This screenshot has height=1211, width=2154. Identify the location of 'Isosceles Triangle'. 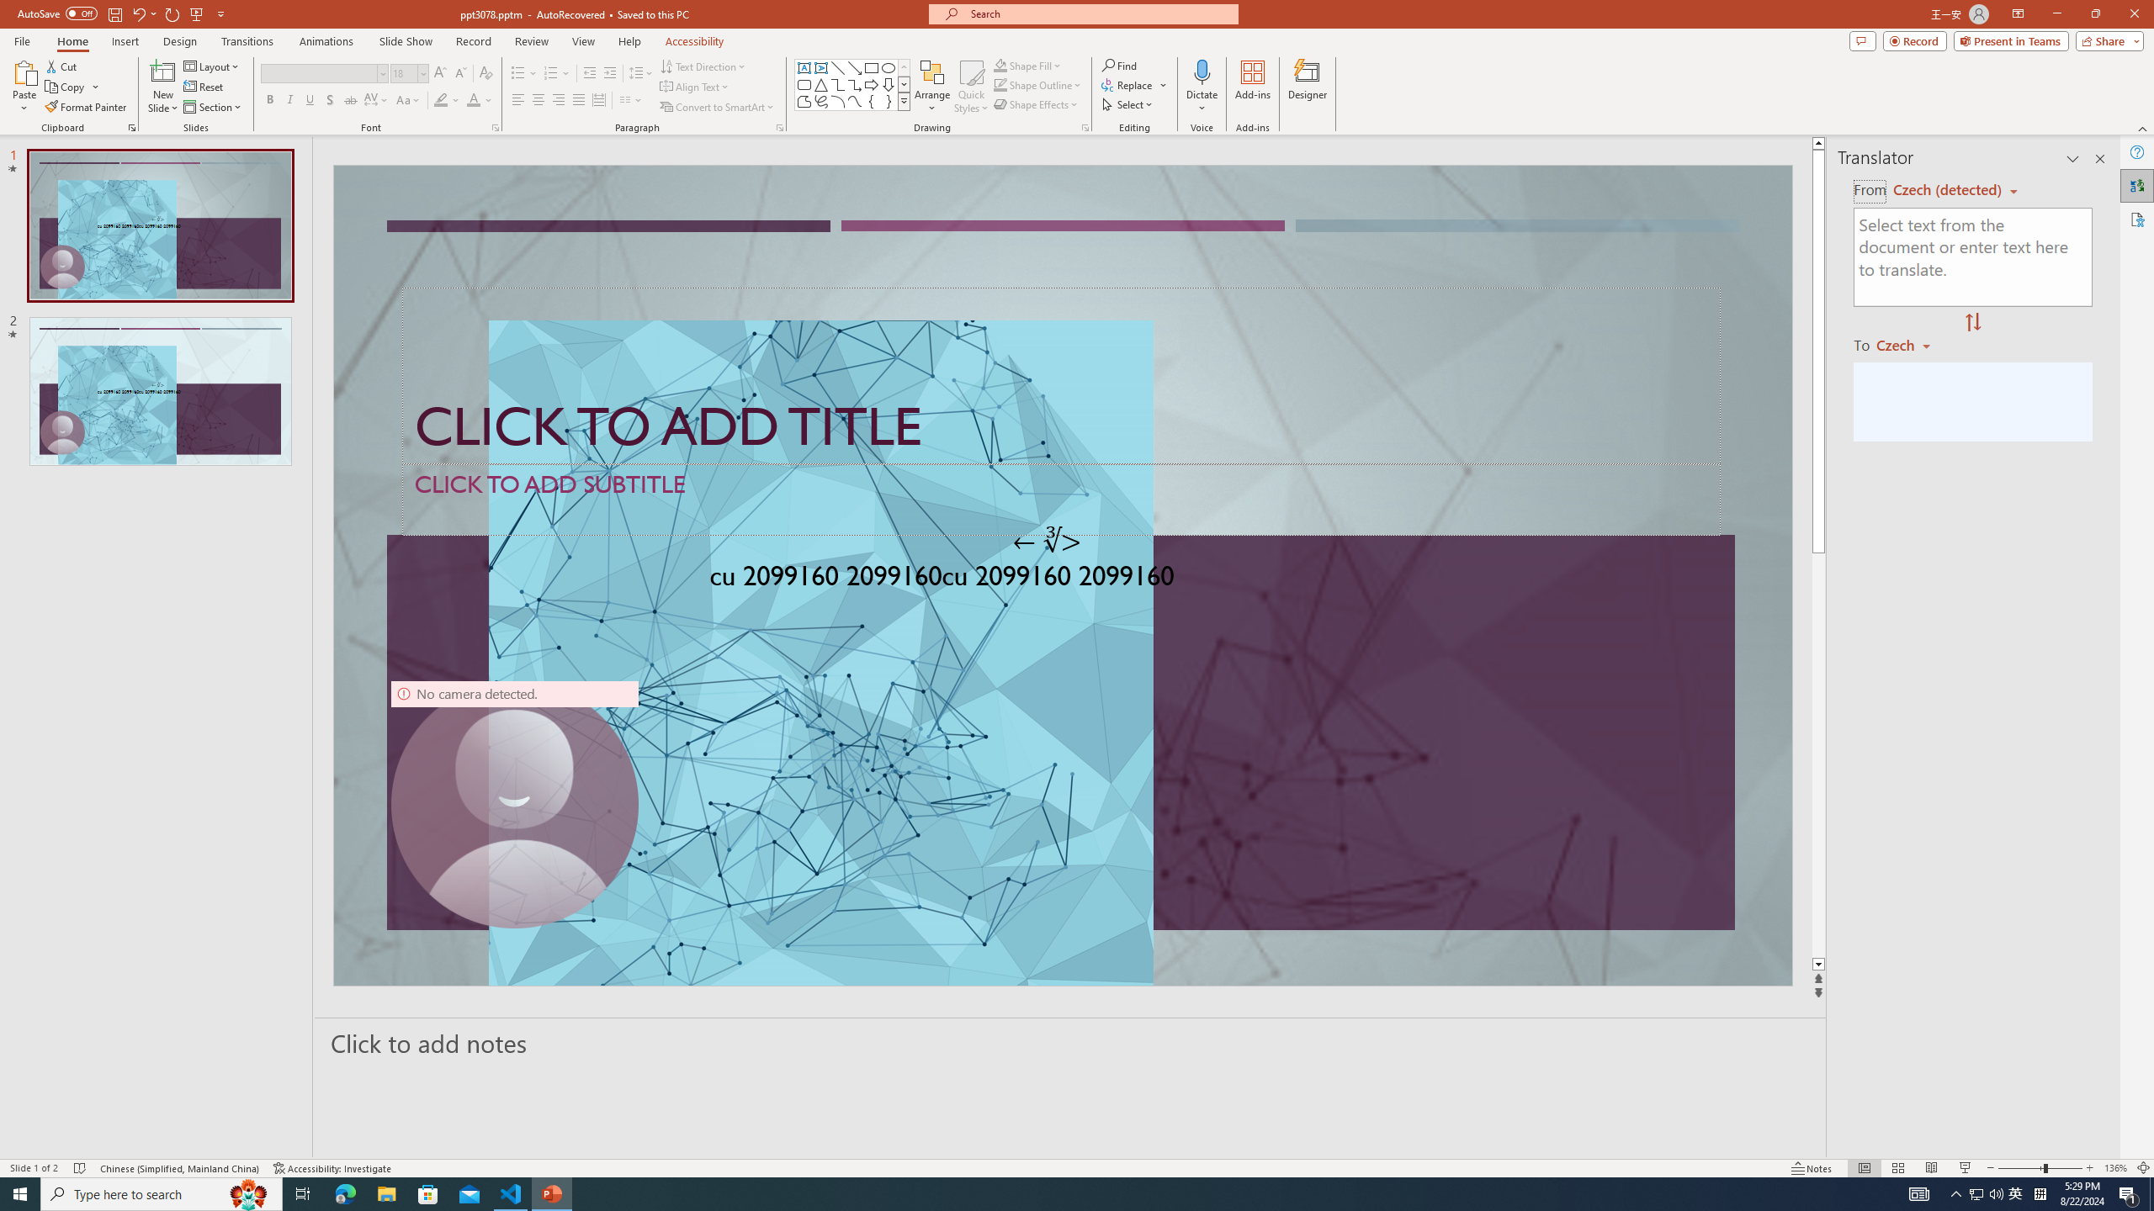
(820, 83).